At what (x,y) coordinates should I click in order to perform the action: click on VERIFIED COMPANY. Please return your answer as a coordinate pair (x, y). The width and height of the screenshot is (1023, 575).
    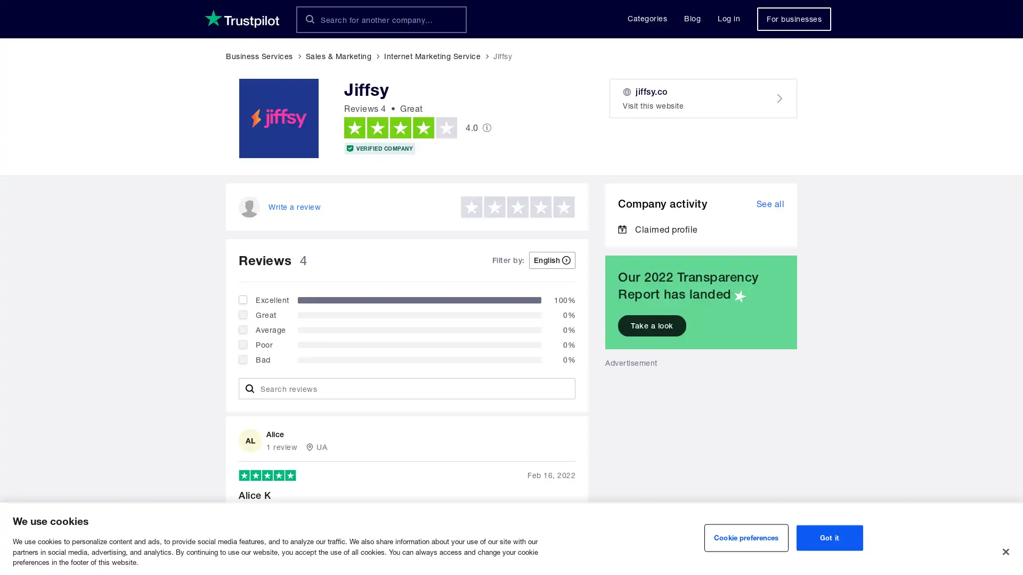
    Looking at the image, I should click on (379, 148).